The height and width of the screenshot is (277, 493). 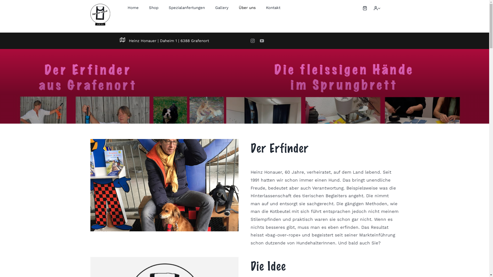 I want to click on 'Shop', so click(x=153, y=8).